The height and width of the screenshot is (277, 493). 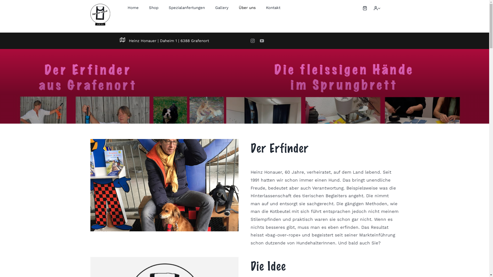 I want to click on 'Shop', so click(x=153, y=8).